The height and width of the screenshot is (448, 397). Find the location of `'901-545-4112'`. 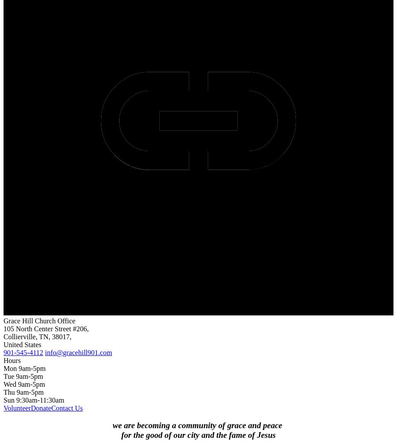

'901-545-4112' is located at coordinates (3, 352).